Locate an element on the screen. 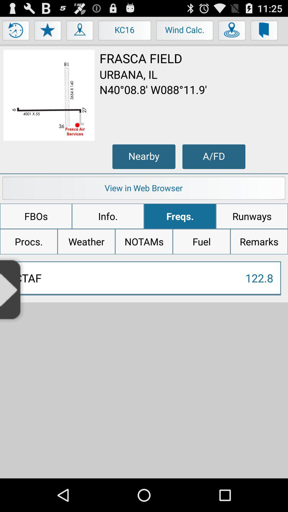 This screenshot has height=512, width=288. calculate time is located at coordinates (16, 31).